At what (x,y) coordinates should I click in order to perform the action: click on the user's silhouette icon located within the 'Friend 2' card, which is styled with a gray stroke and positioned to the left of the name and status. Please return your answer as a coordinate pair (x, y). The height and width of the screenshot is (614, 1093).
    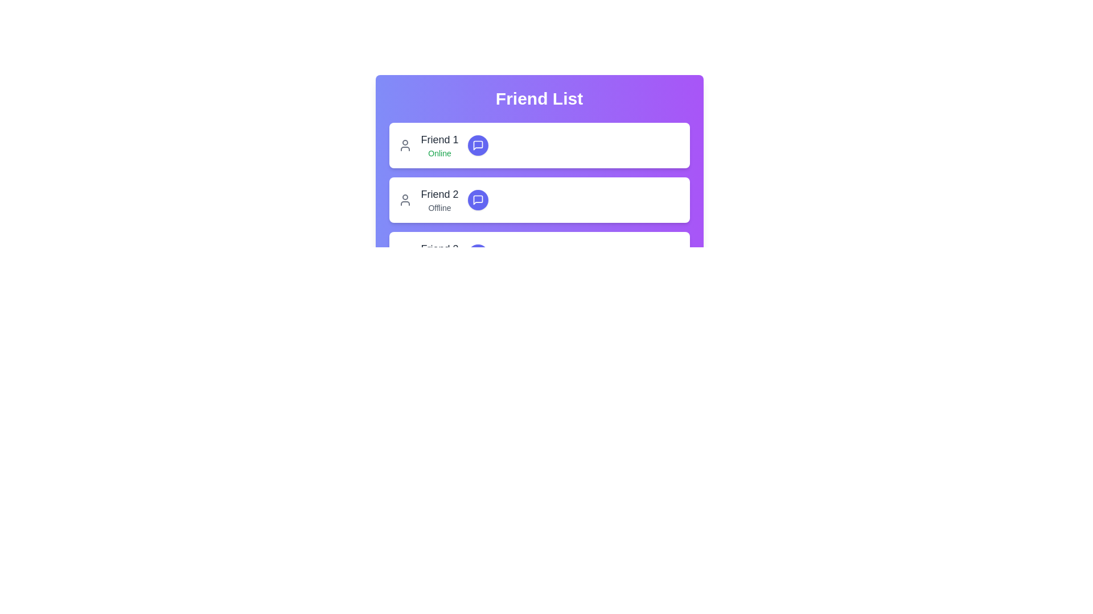
    Looking at the image, I should click on (405, 199).